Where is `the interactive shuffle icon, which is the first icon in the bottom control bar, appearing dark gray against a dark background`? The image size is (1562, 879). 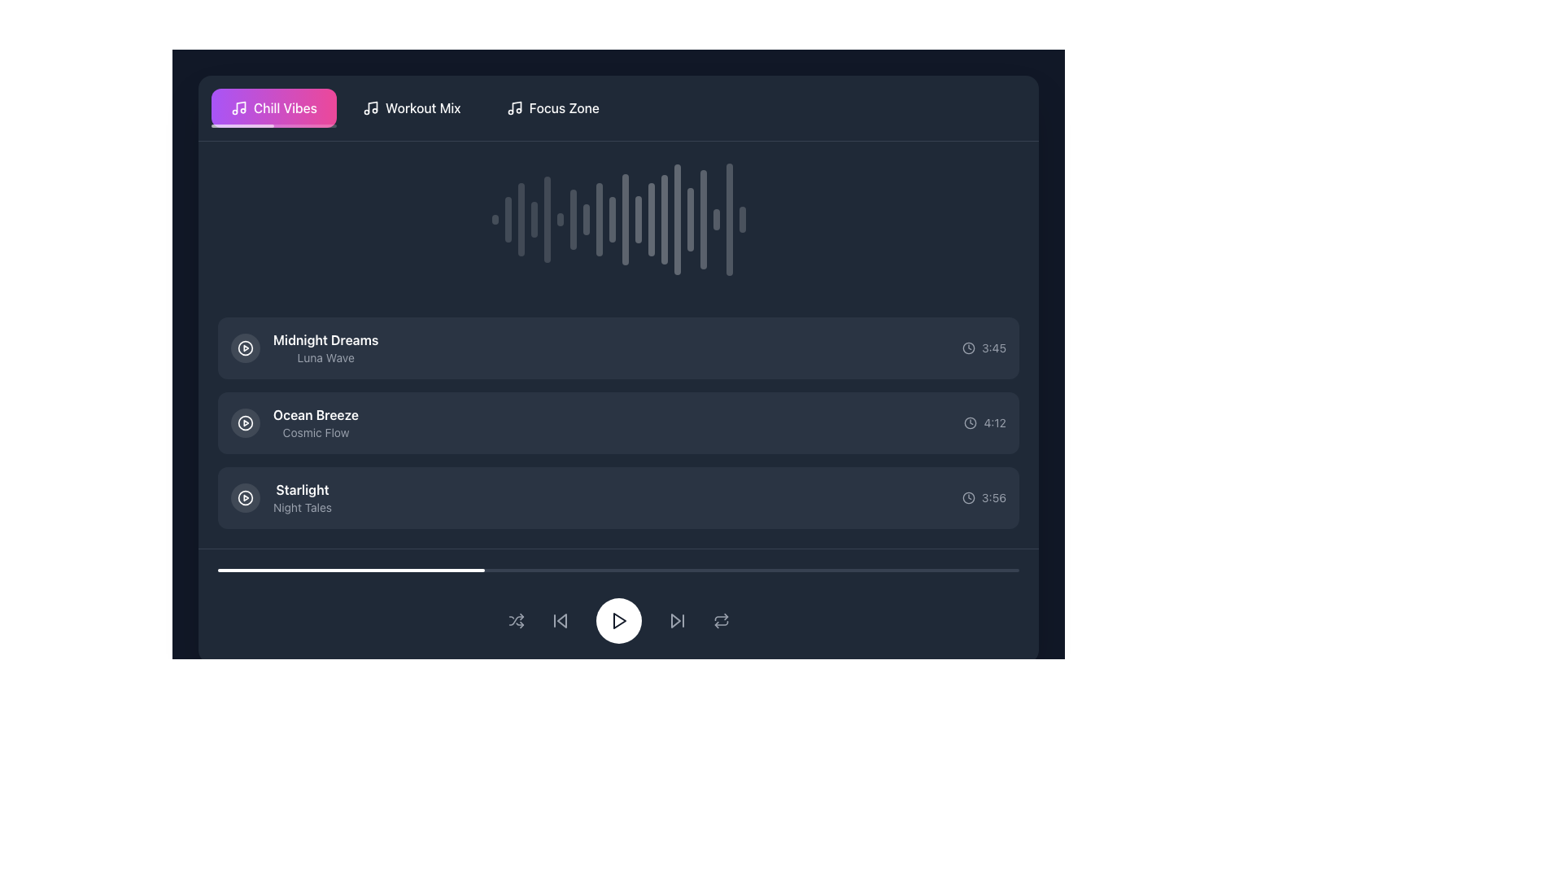 the interactive shuffle icon, which is the first icon in the bottom control bar, appearing dark gray against a dark background is located at coordinates (515, 621).